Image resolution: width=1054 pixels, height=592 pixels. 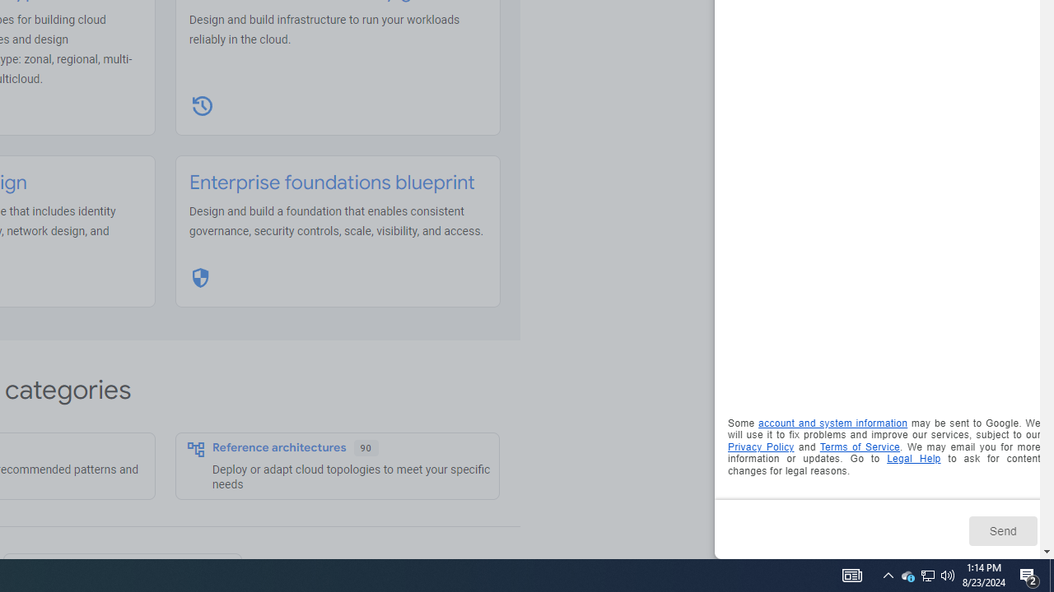 I want to click on 'account and system information', so click(x=833, y=423).